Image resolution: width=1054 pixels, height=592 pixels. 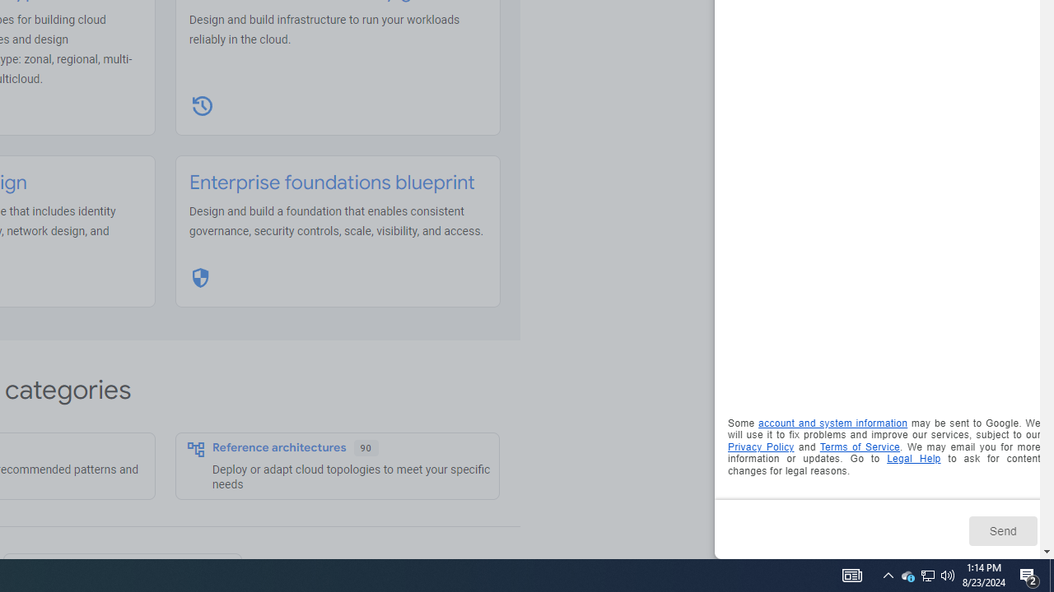 I want to click on 'account and system information', so click(x=833, y=423).